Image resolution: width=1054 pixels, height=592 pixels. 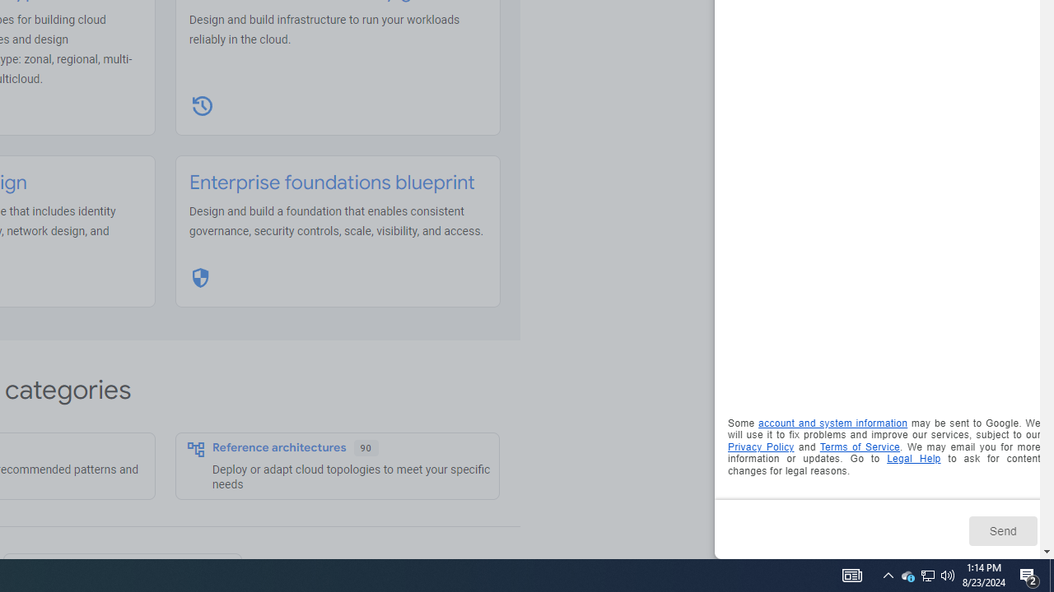 I want to click on 'account and system information', so click(x=833, y=423).